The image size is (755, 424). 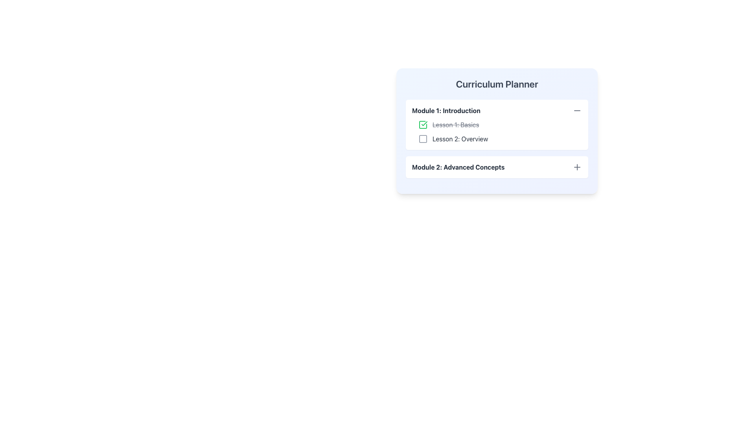 What do you see at coordinates (500, 139) in the screenshot?
I see `the checkbox of the second lesson item under 'Module 1: Introduction' which provides an overview of the lesson content` at bounding box center [500, 139].